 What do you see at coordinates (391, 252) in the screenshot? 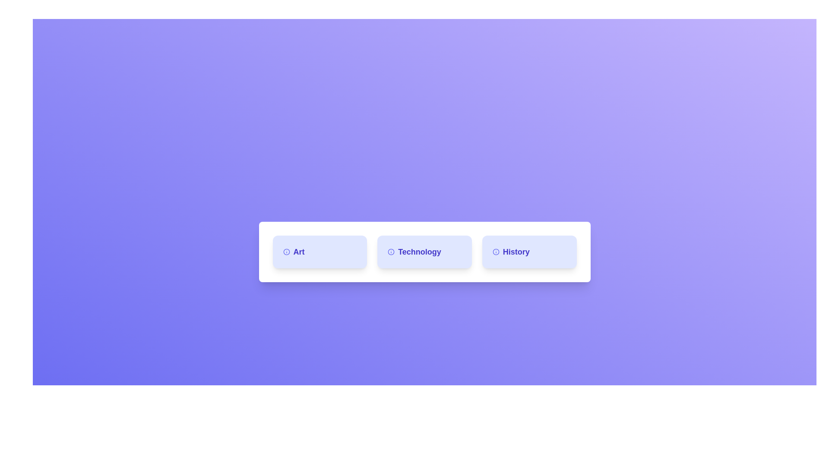
I see `the icon that visually represents the 'Technology' button to interact with the button` at bounding box center [391, 252].